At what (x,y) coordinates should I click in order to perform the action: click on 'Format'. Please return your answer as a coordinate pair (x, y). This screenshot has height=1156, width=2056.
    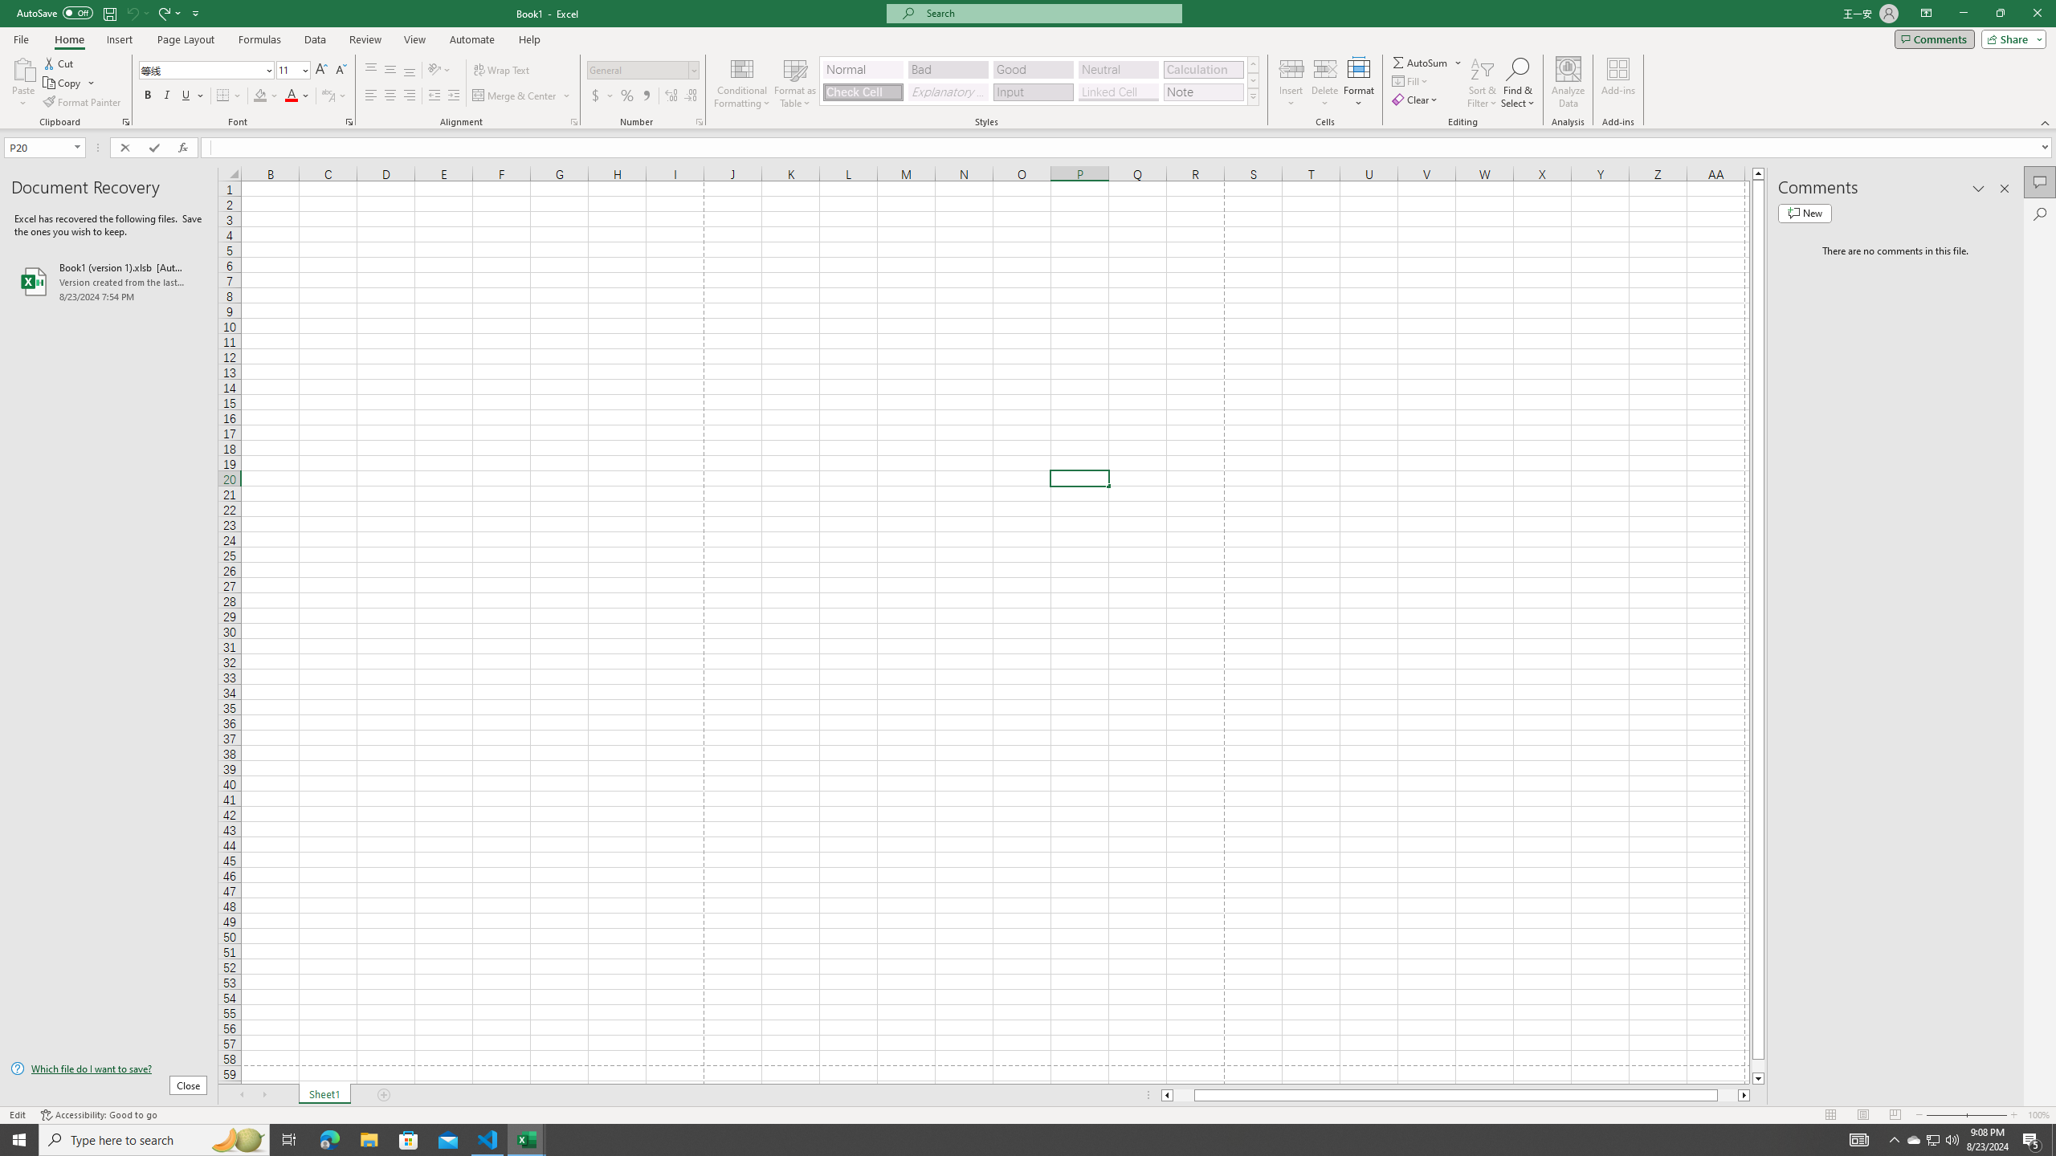
    Looking at the image, I should click on (1359, 83).